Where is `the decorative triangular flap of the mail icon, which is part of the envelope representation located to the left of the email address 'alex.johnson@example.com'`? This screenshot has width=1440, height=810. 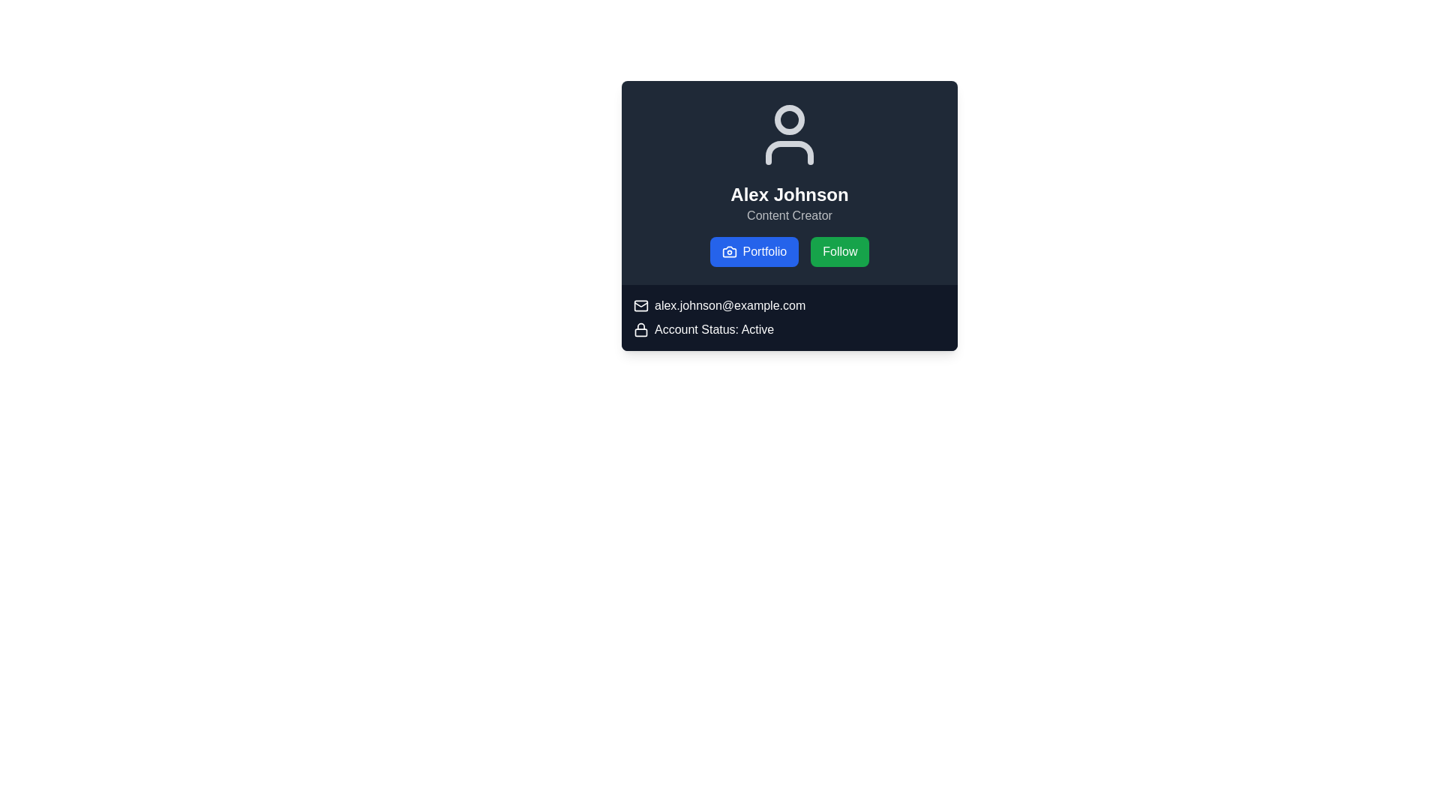 the decorative triangular flap of the mail icon, which is part of the envelope representation located to the left of the email address 'alex.johnson@example.com' is located at coordinates (640, 304).